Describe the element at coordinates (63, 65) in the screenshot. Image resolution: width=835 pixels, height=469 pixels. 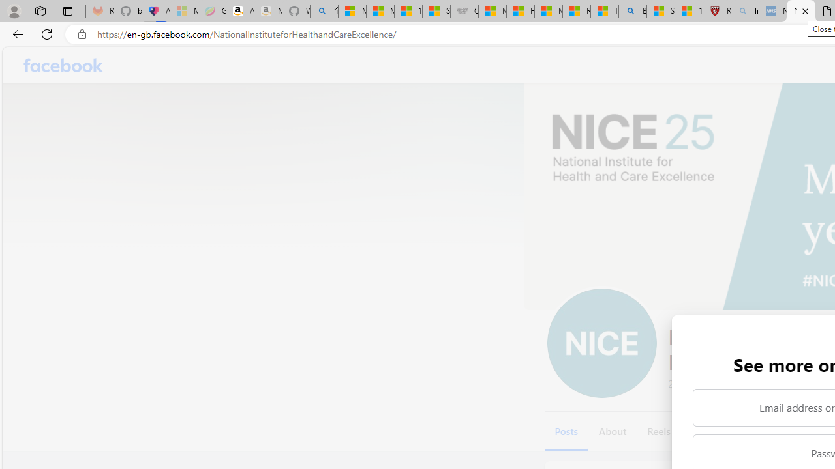
I see `'Facebook'` at that location.